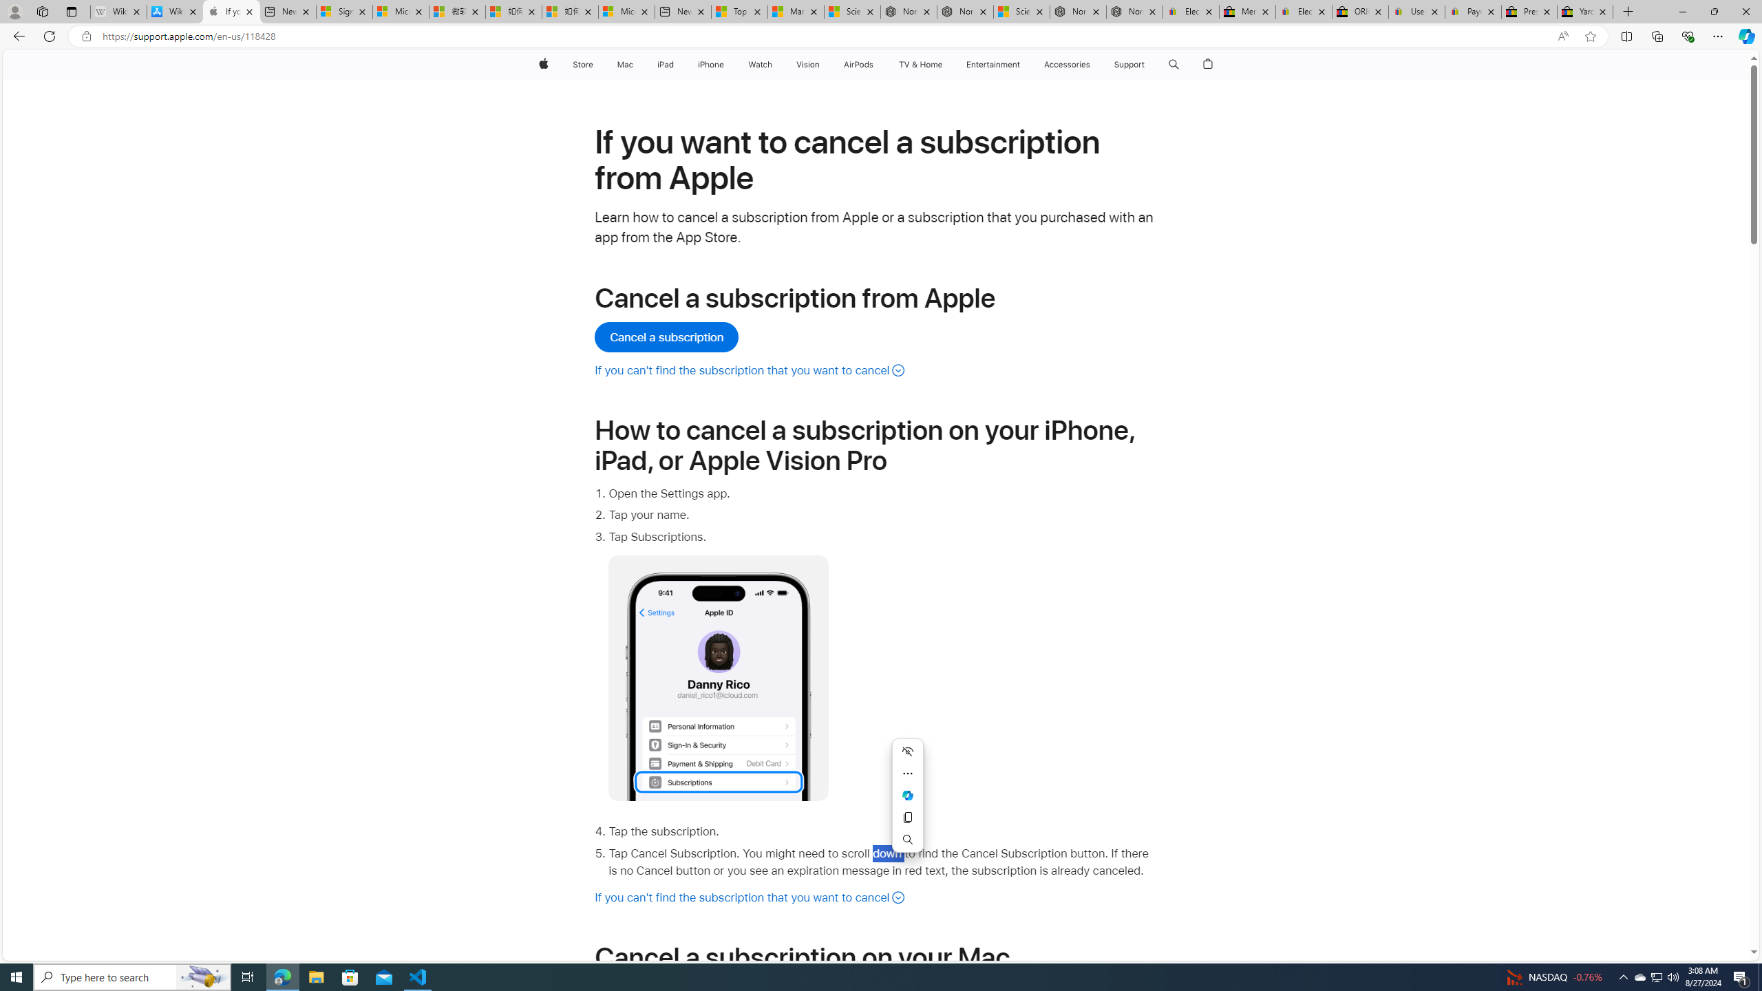  I want to click on 'Electronics, Cars, Fashion, Collectibles & More | eBay', so click(1303, 11).